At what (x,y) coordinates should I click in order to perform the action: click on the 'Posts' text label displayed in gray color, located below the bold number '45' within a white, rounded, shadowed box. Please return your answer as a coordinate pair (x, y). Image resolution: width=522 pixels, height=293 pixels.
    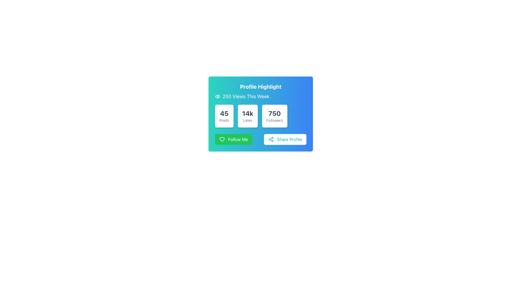
    Looking at the image, I should click on (224, 120).